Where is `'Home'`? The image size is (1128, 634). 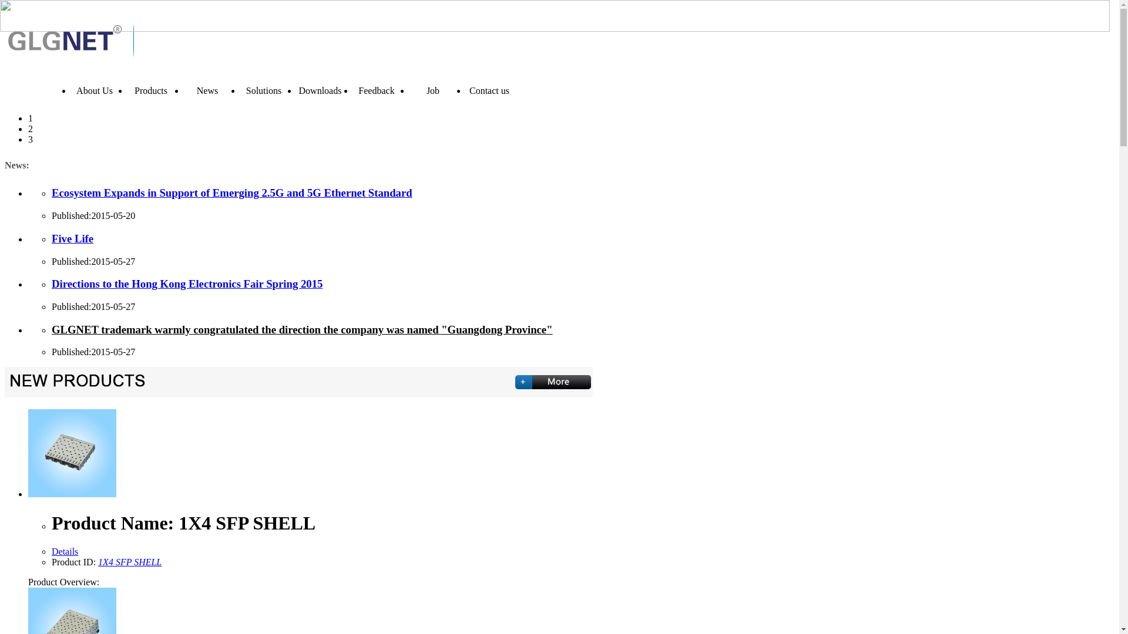 'Home' is located at coordinates (38, 90).